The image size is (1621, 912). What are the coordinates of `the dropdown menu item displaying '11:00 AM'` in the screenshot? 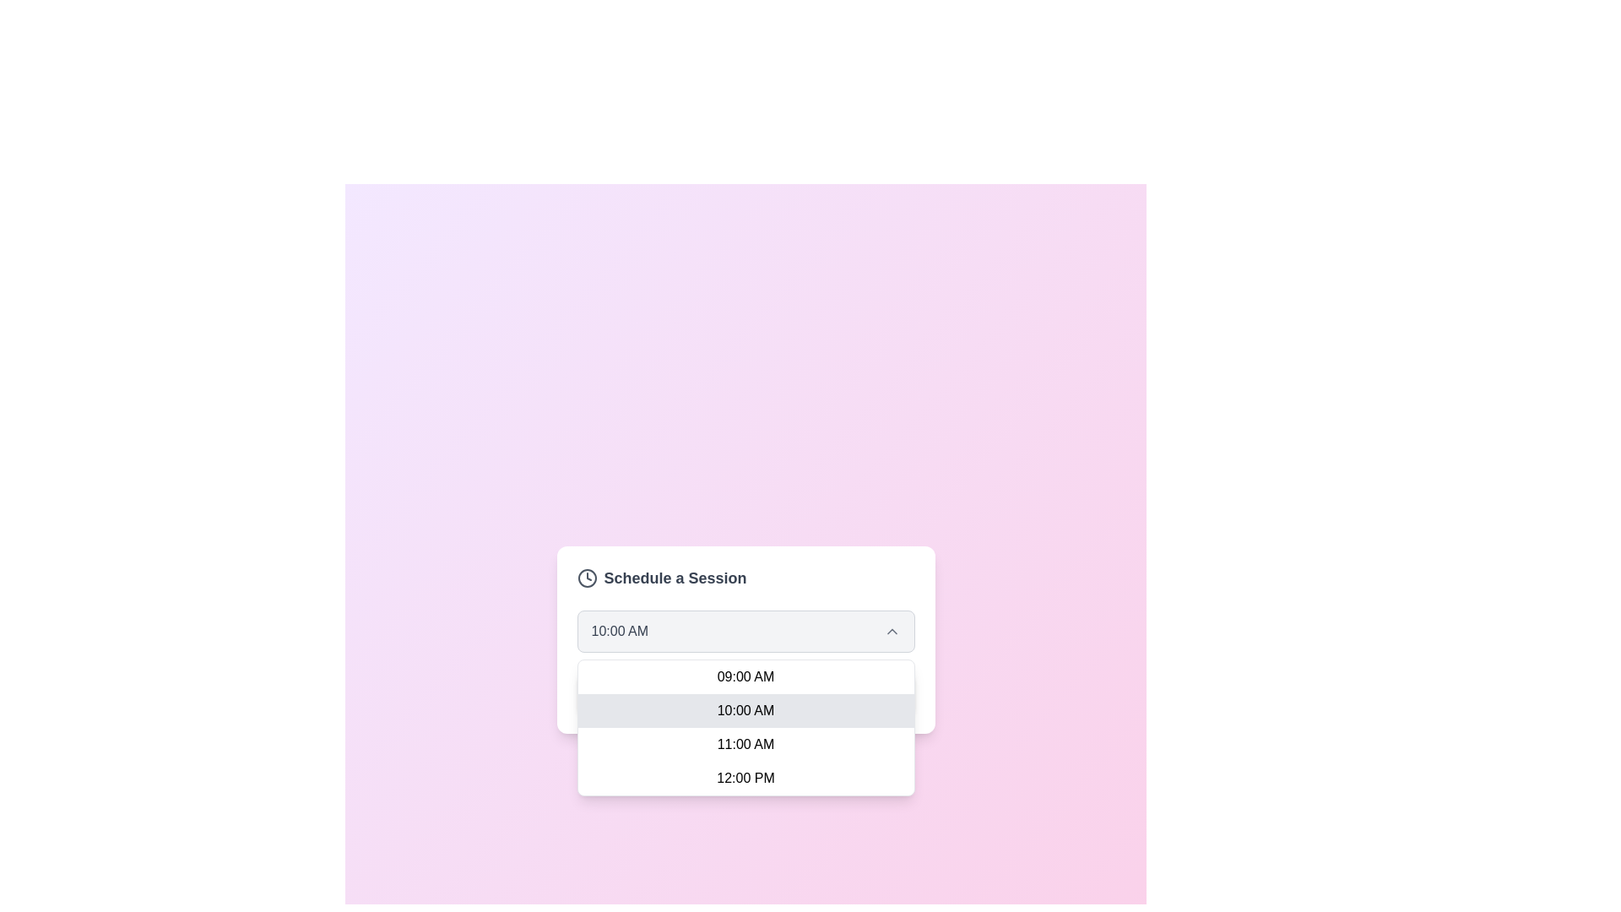 It's located at (745, 744).